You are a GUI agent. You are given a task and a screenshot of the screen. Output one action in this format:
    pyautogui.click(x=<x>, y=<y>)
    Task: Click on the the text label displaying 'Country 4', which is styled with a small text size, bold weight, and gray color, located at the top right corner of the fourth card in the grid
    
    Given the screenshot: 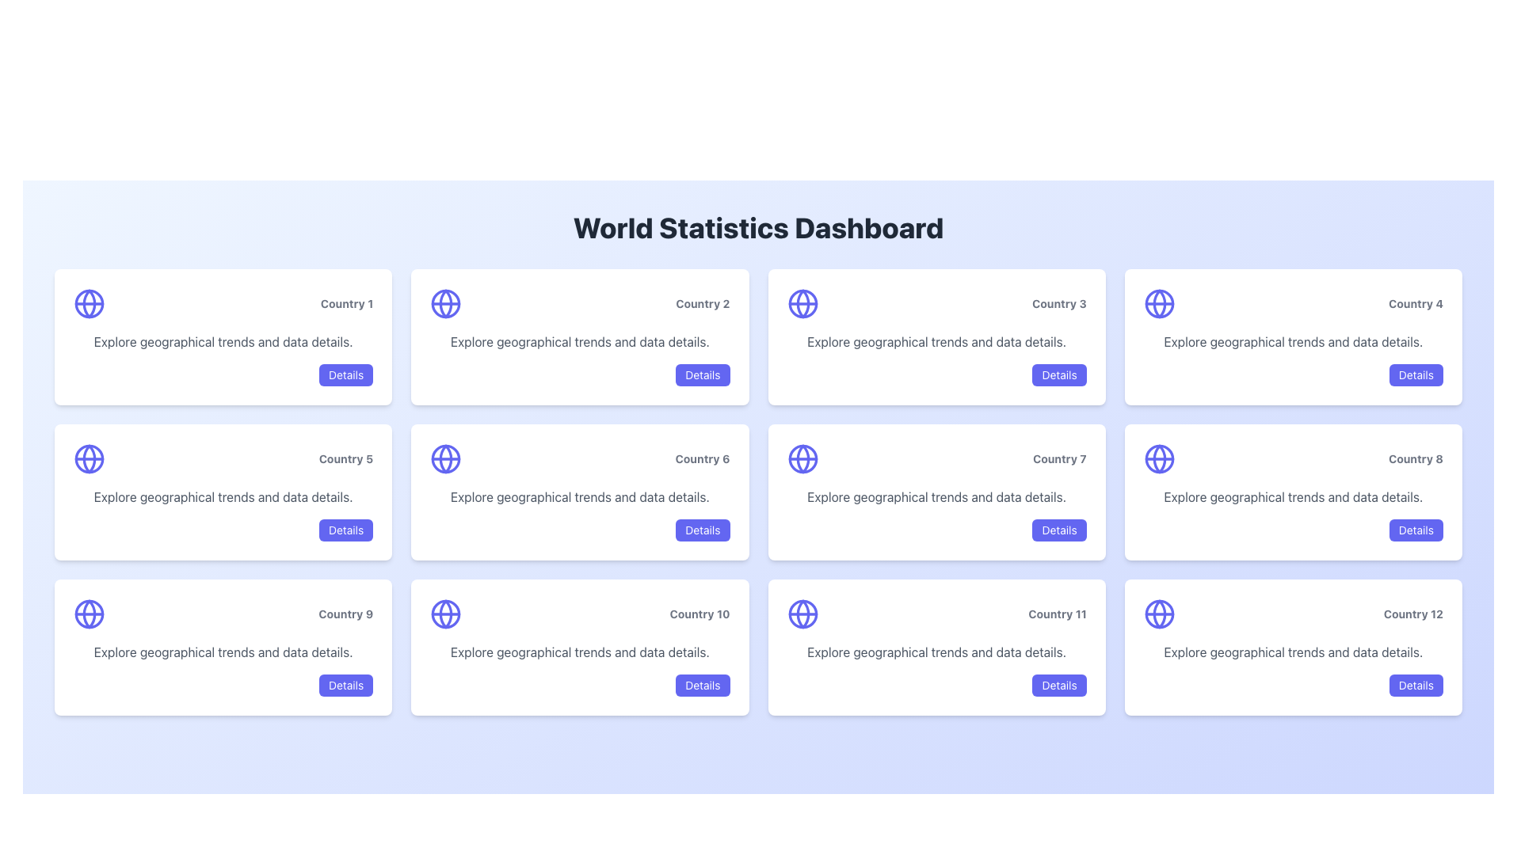 What is the action you would take?
    pyautogui.click(x=1416, y=304)
    